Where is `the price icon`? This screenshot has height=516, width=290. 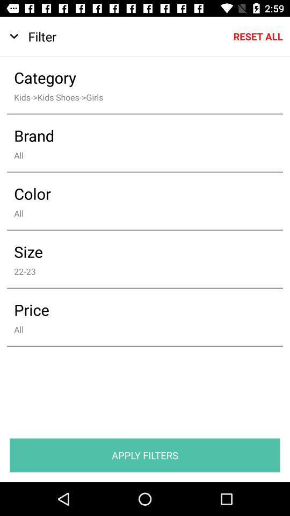 the price icon is located at coordinates (137, 310).